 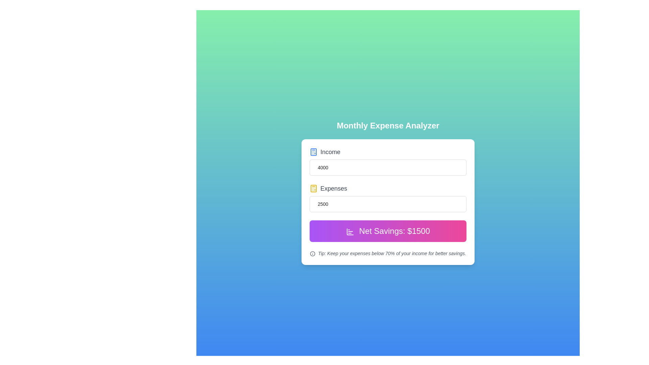 What do you see at coordinates (466, 171) in the screenshot?
I see `the small, downward-pointing arrow button located directly below the 'Increase Value' button in the numeric input control interface for 'Income'` at bounding box center [466, 171].